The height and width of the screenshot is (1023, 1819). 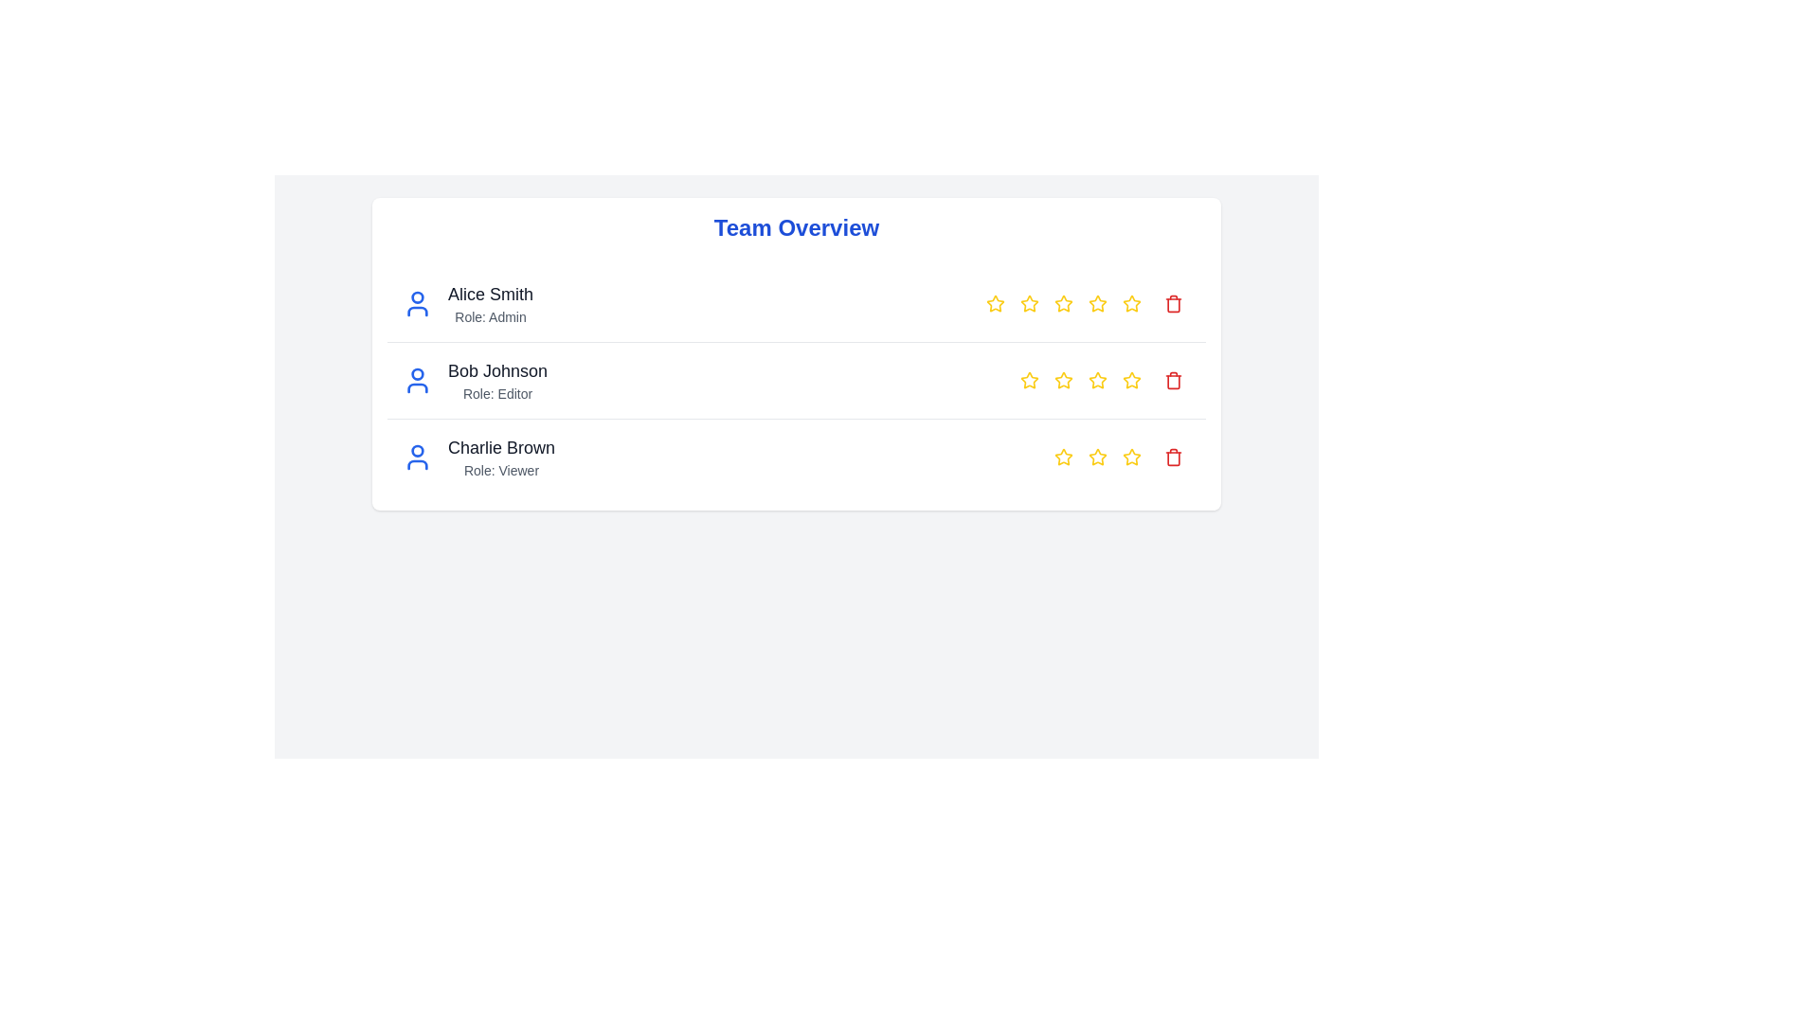 What do you see at coordinates (1172, 302) in the screenshot?
I see `the delete button with a trash icon located at the rightmost end of the row for 'Alice Smith'` at bounding box center [1172, 302].